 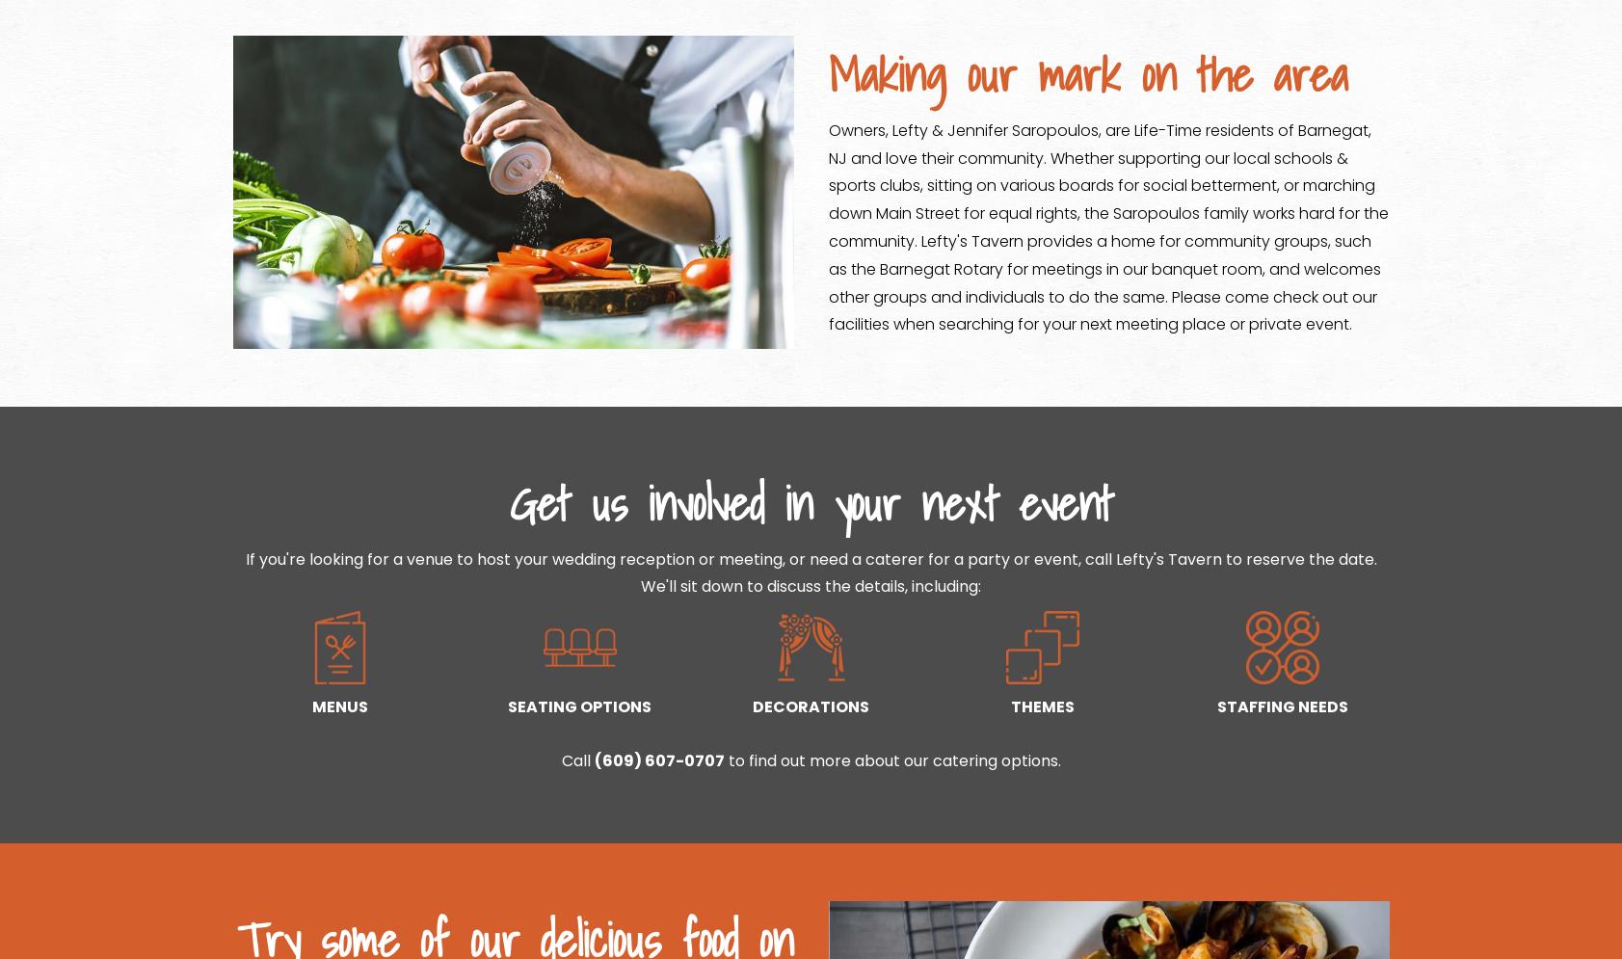 I want to click on 'to find out more about our catering options.', so click(x=726, y=759).